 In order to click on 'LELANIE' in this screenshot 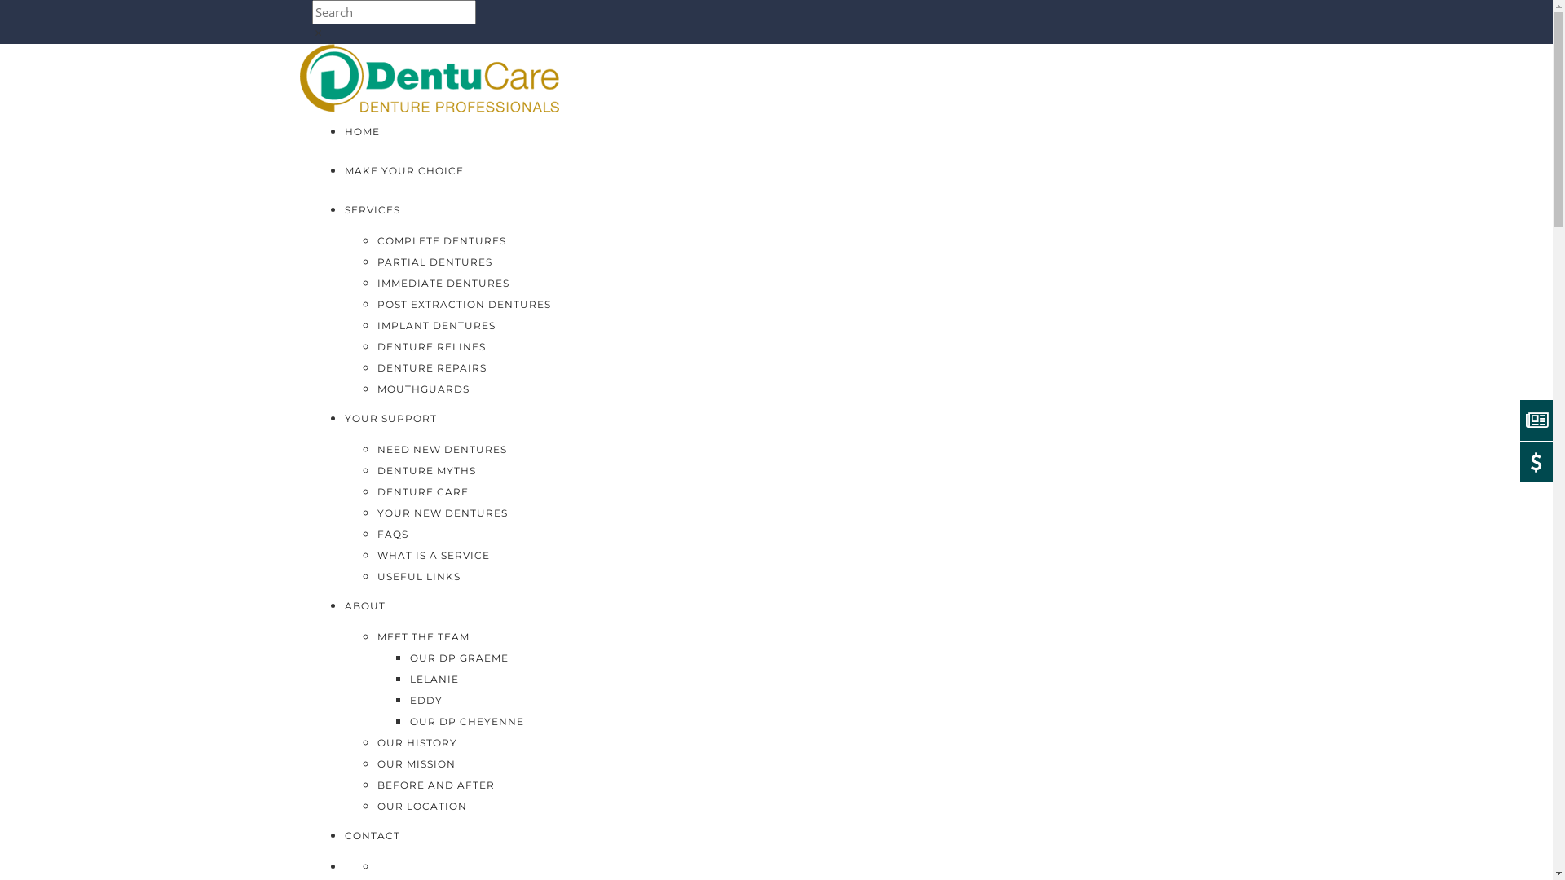, I will do `click(434, 679)`.